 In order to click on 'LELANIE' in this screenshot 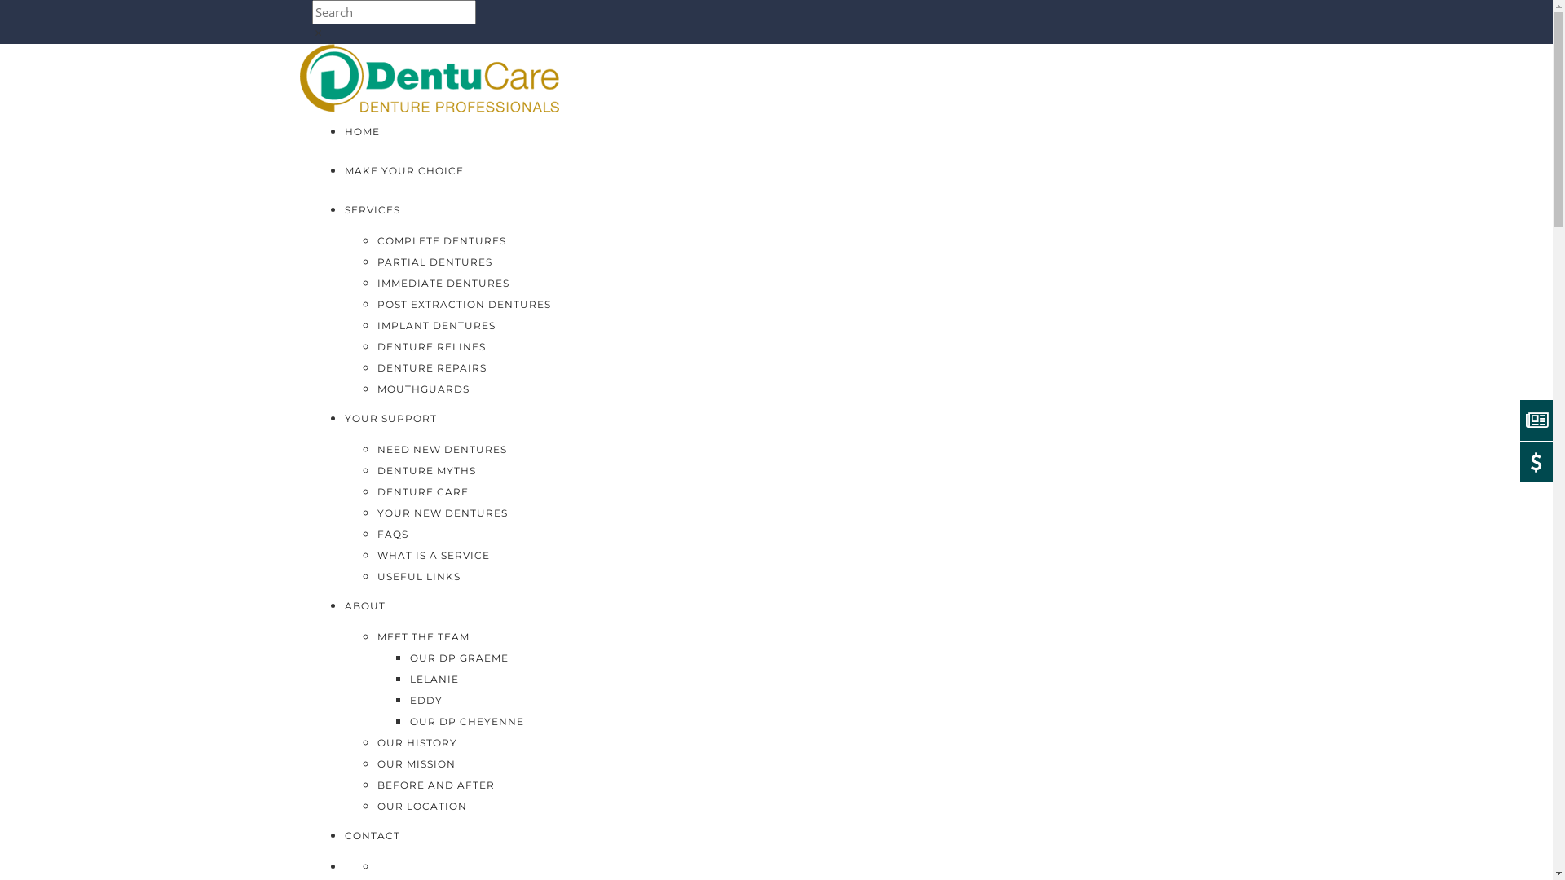, I will do `click(434, 679)`.